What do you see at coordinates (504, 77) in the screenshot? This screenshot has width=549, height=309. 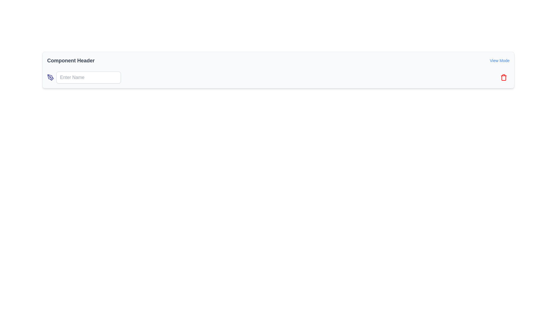 I see `the small red trash bin icon located at the far right of the horizontal bar` at bounding box center [504, 77].